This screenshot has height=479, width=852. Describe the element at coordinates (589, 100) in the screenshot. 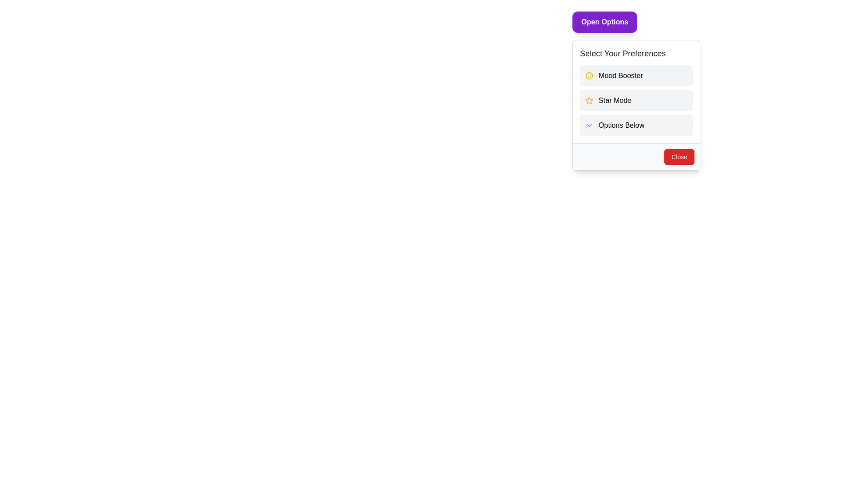

I see `the 'Star Mode' icon located in the second row of the options under the 'Select Your Preferences' panel` at that location.